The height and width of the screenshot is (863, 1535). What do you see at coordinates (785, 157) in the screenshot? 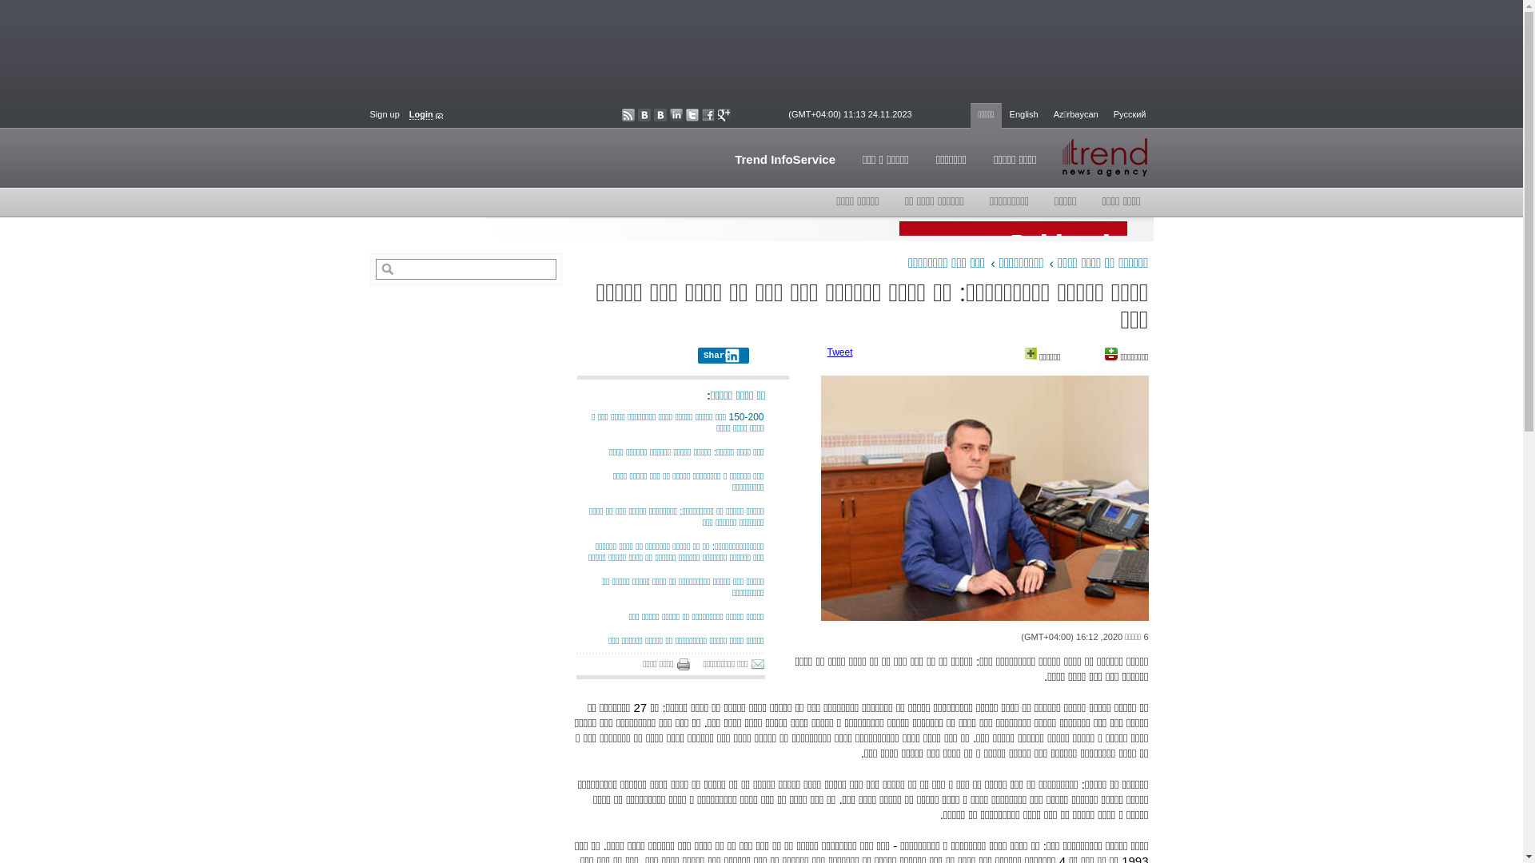
I see `'Trend InfoService'` at bounding box center [785, 157].